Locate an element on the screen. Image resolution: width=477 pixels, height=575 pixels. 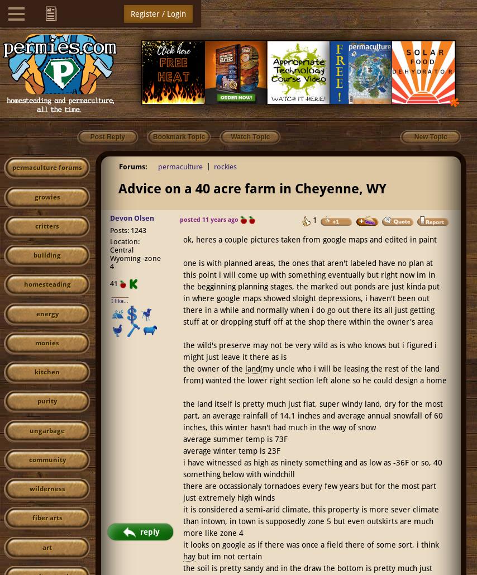
'community' is located at coordinates (46, 458).